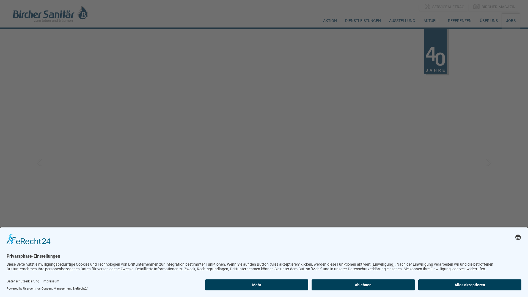 This screenshot has width=528, height=297. I want to click on 'REFERENZEN', so click(460, 20).